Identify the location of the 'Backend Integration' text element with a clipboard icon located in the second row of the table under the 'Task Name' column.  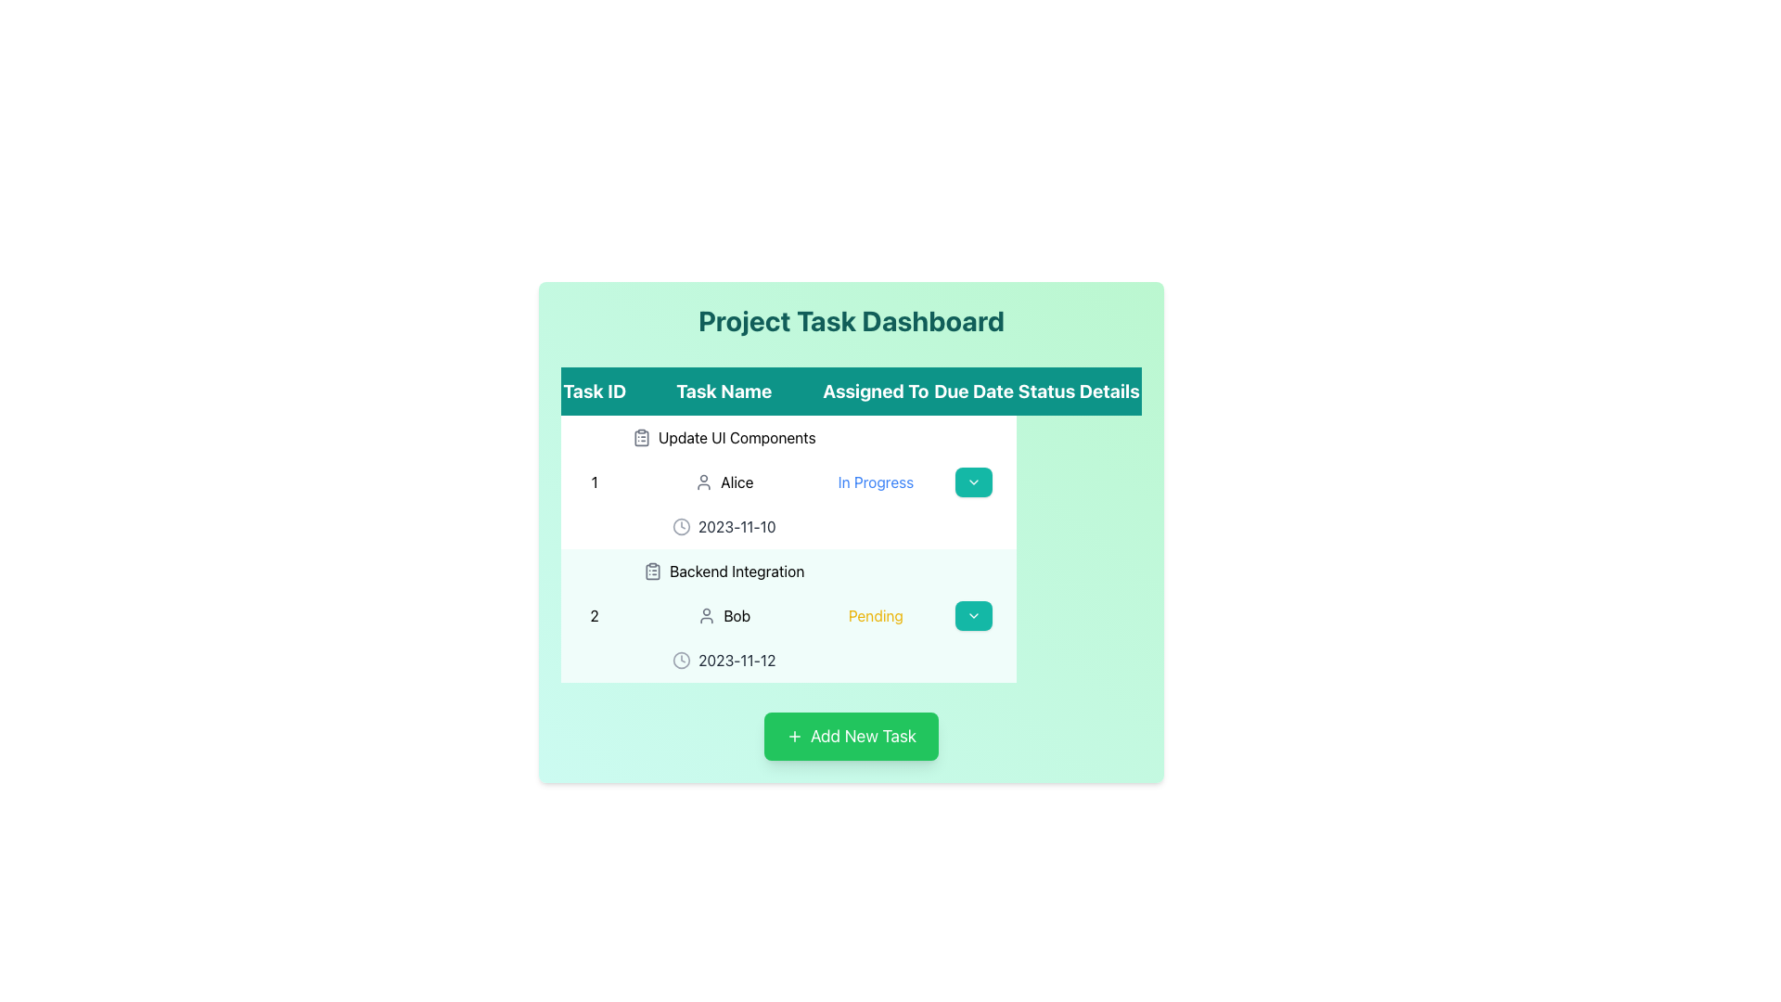
(723, 571).